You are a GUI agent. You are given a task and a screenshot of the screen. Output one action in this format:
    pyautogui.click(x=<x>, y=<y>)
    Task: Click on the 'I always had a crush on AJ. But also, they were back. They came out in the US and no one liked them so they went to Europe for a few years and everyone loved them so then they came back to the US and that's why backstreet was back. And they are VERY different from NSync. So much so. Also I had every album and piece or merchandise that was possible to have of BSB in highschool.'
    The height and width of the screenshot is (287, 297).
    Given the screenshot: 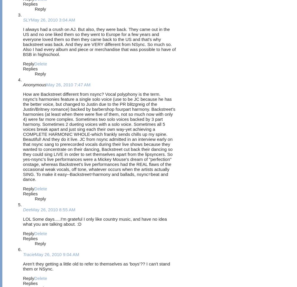 What is the action you would take?
    pyautogui.click(x=23, y=41)
    